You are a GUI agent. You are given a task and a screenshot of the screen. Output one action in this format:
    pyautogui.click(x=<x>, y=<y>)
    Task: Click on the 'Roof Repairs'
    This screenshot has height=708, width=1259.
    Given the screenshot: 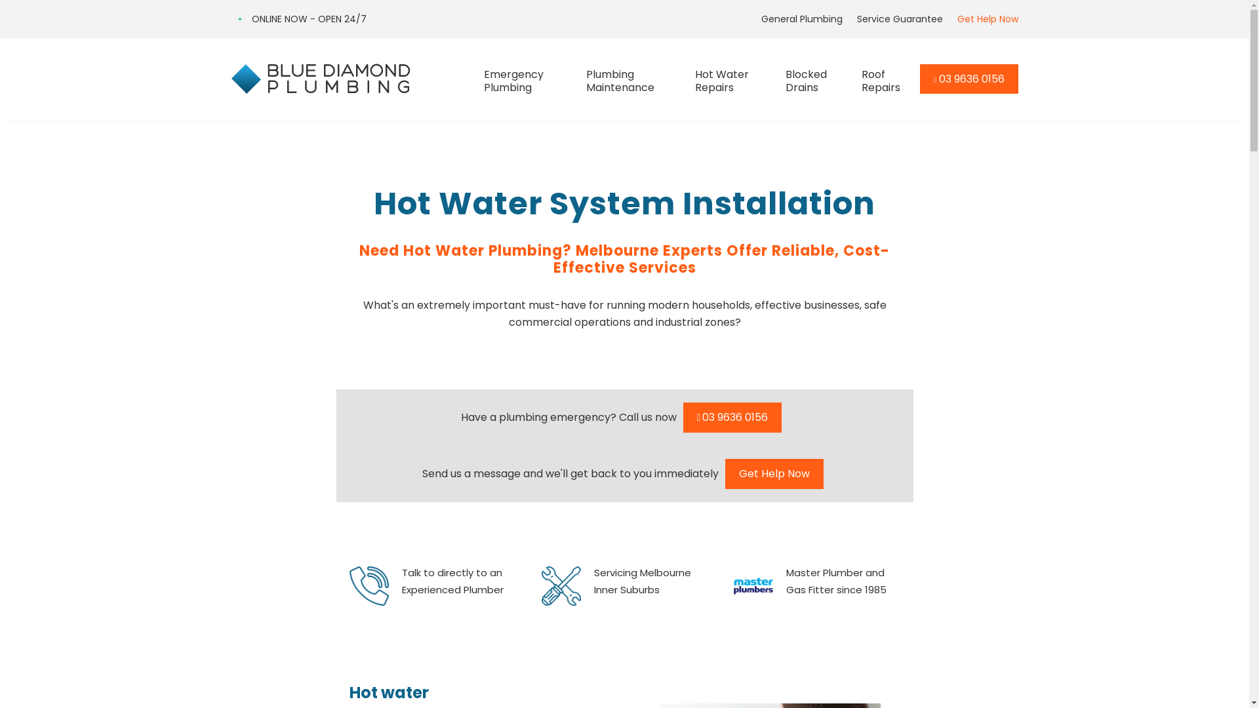 What is the action you would take?
    pyautogui.click(x=862, y=78)
    